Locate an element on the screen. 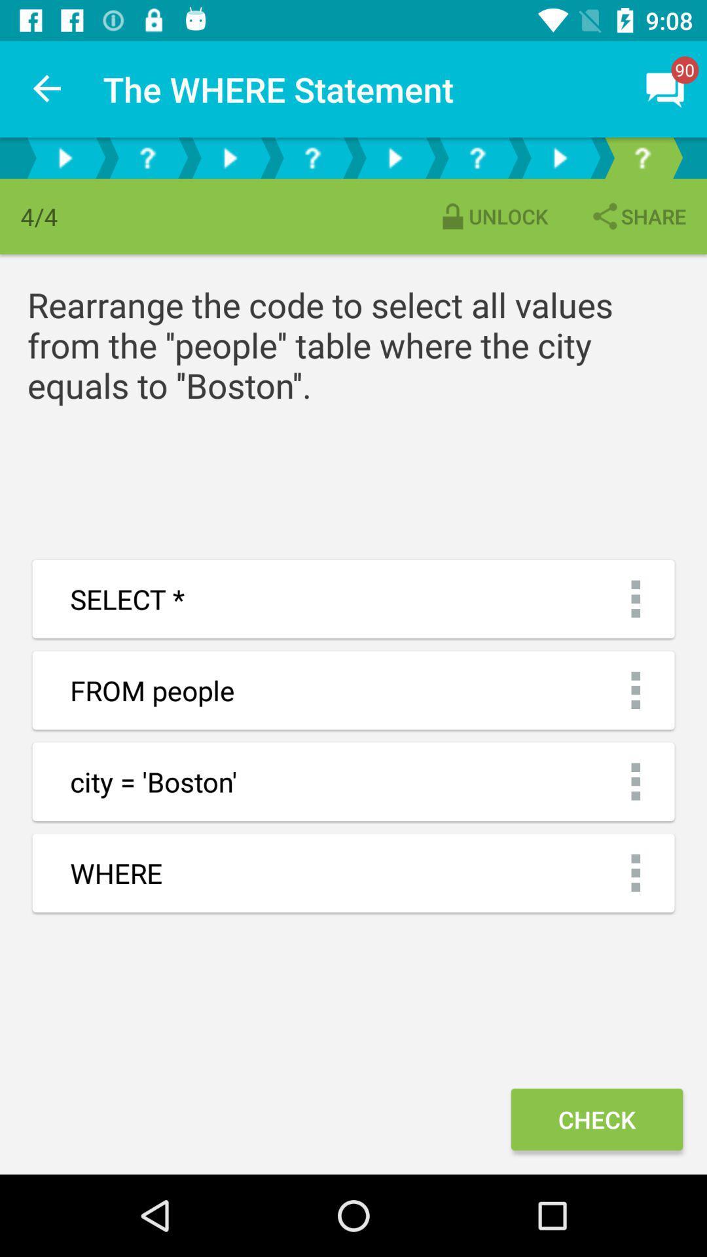 Image resolution: width=707 pixels, height=1257 pixels. the share item is located at coordinates (637, 216).